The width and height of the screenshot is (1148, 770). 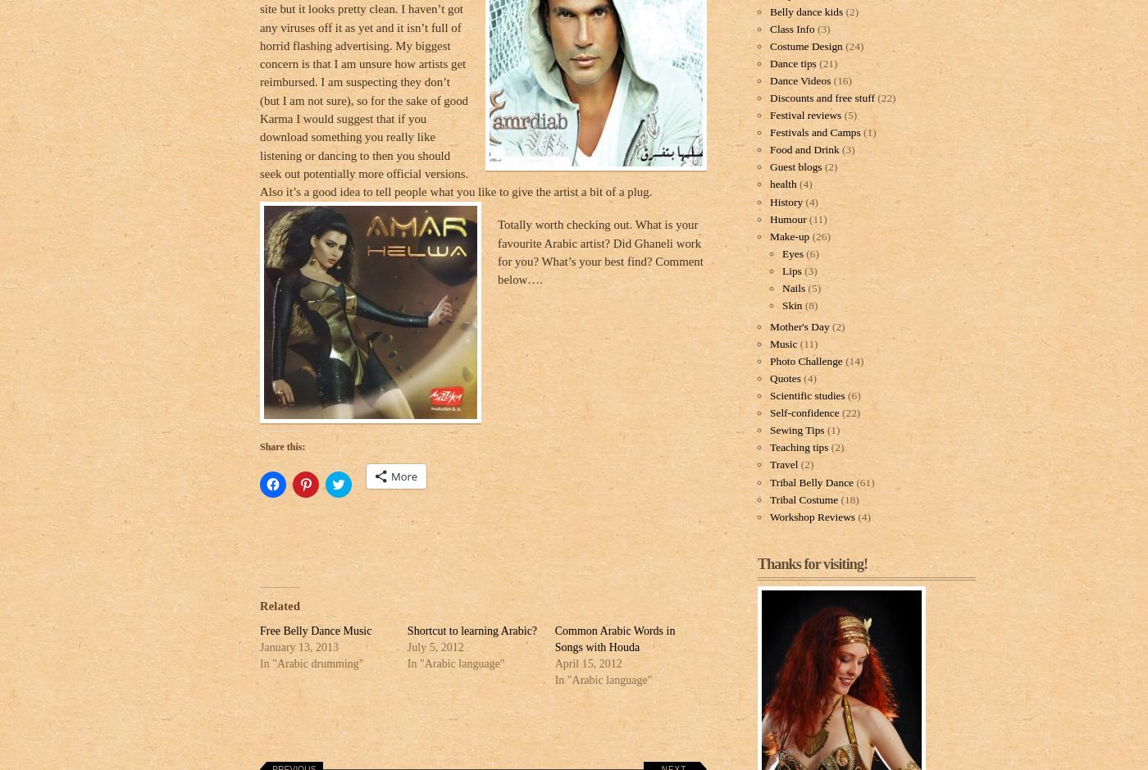 I want to click on '(14)', so click(x=853, y=361).